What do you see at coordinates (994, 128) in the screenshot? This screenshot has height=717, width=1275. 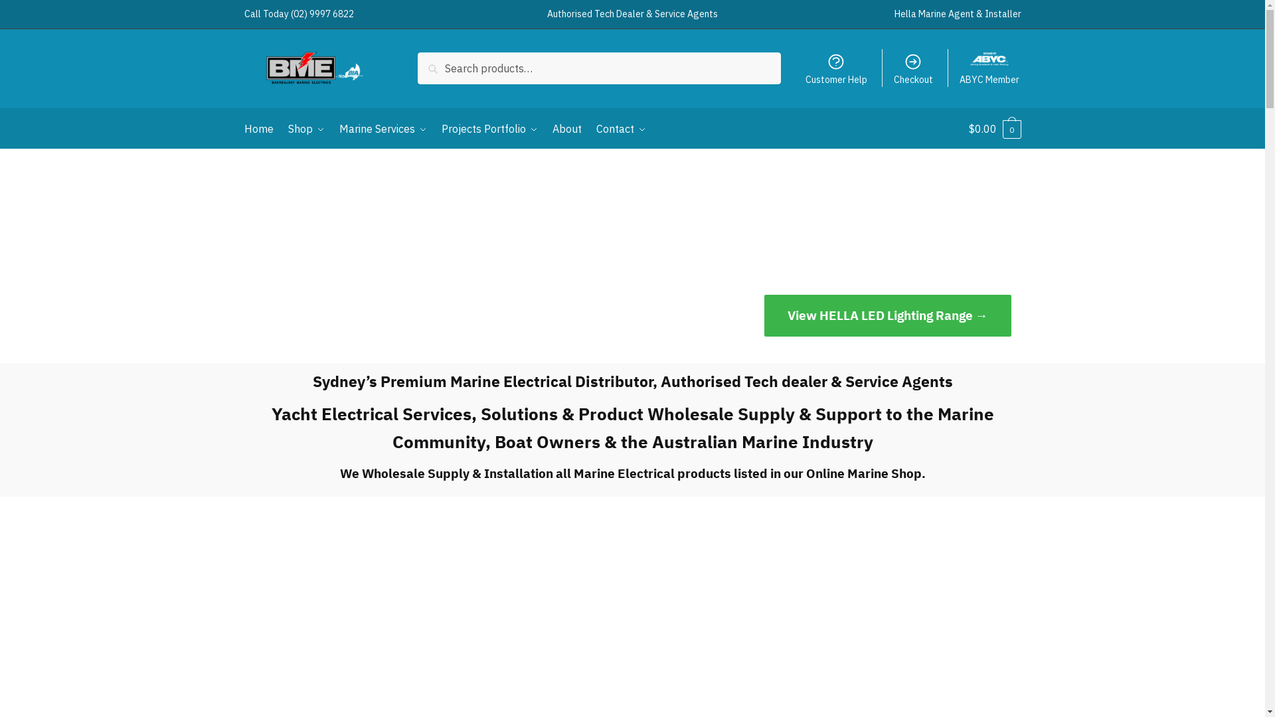 I see `'$0.00 0'` at bounding box center [994, 128].